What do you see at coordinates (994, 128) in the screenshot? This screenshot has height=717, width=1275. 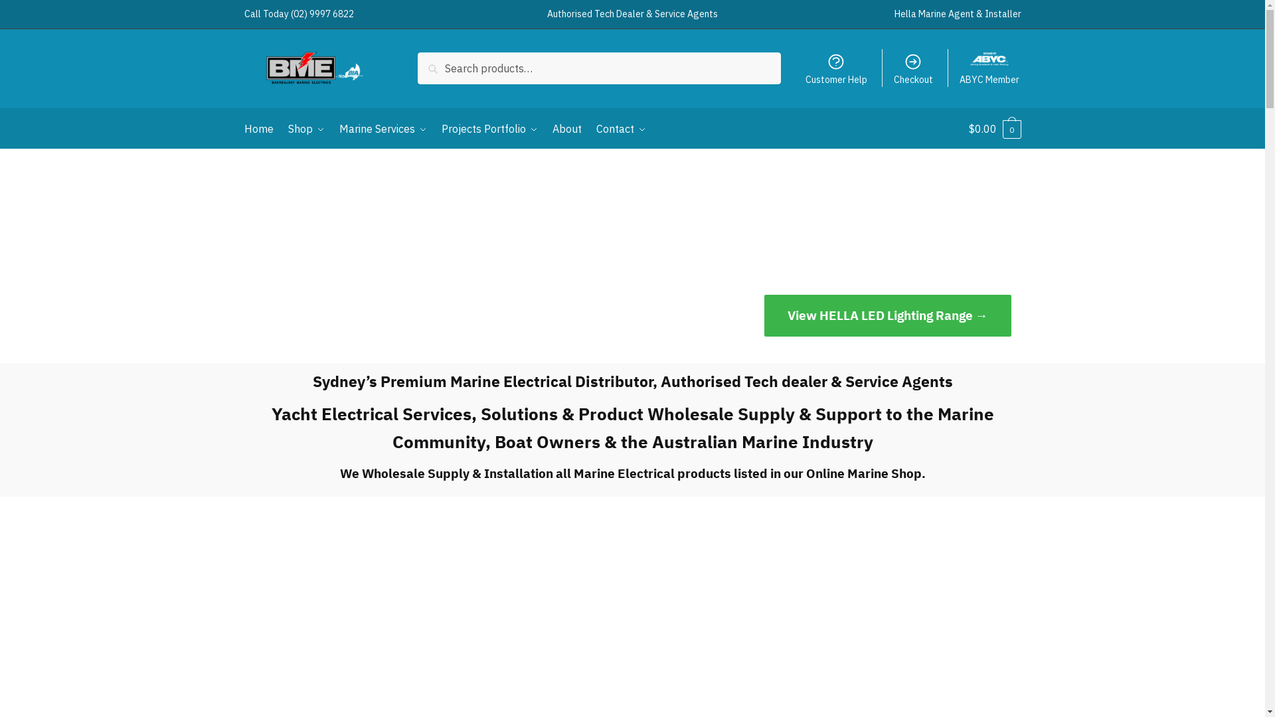 I see `'$0.00 0'` at bounding box center [994, 128].